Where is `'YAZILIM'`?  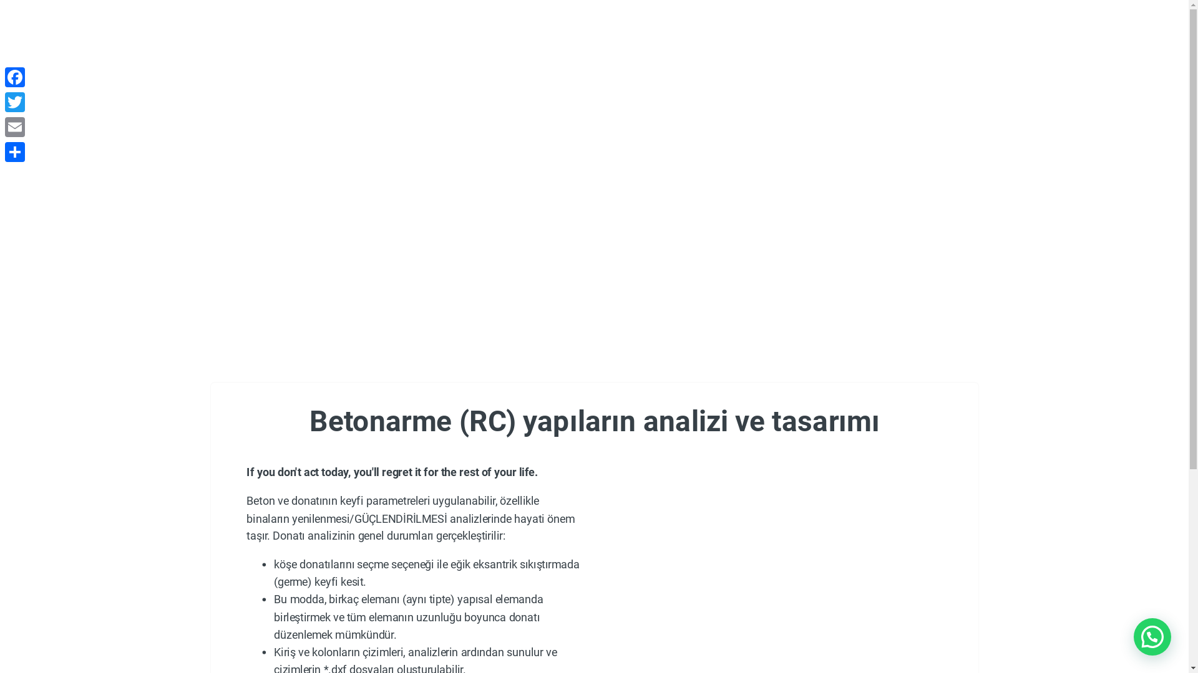
'YAZILIM' is located at coordinates (256, 51).